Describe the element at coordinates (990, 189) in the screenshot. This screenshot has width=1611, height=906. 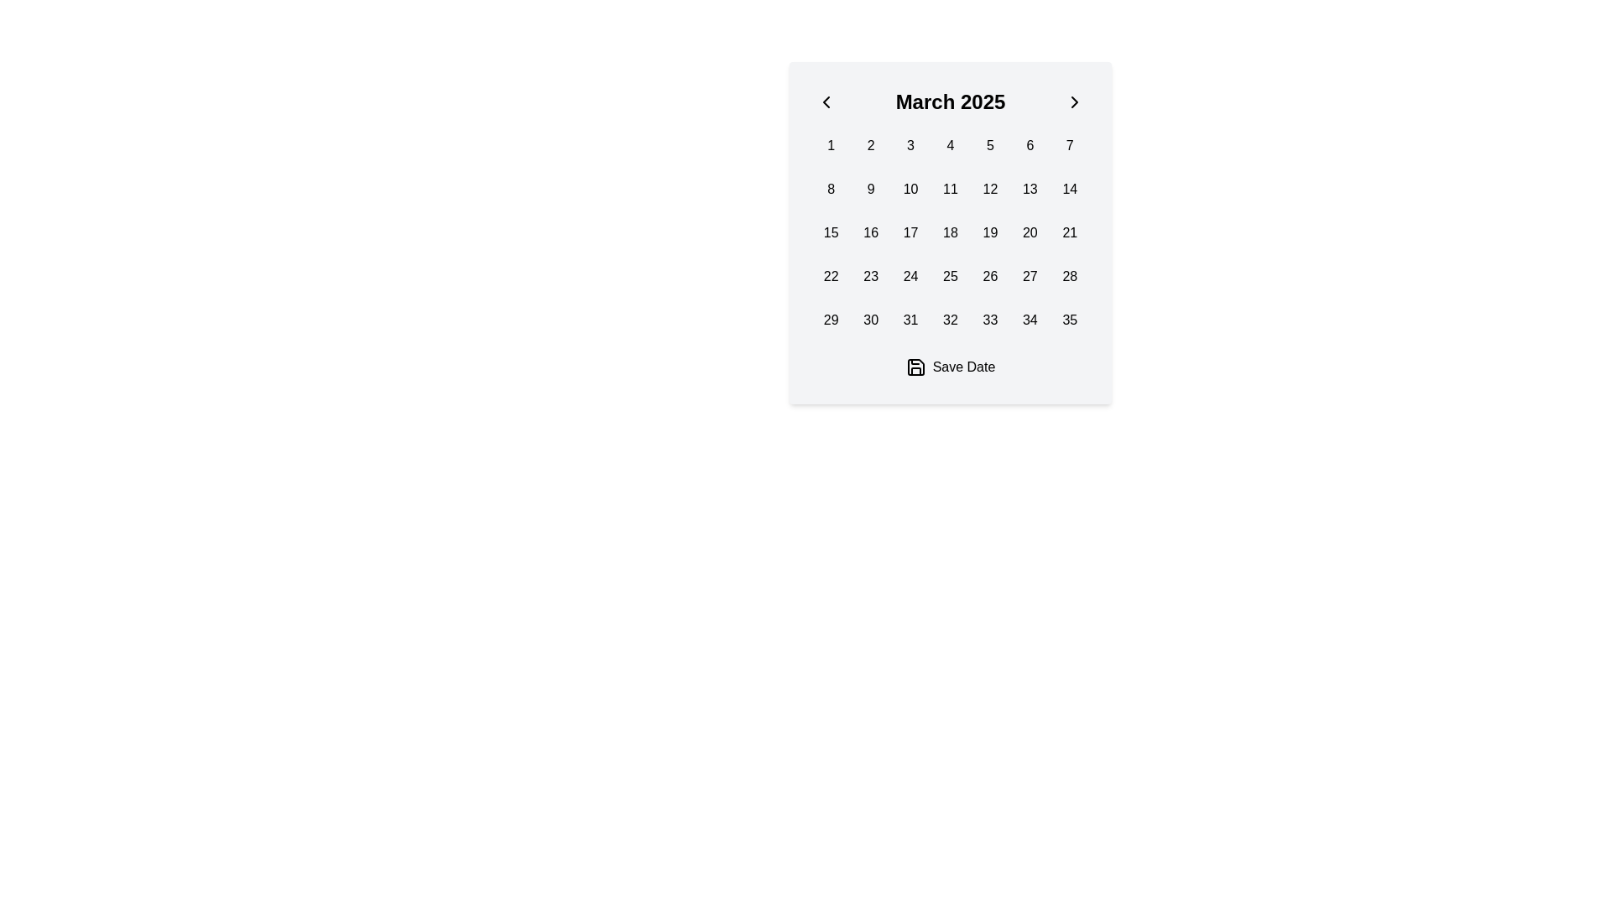
I see `the rounded button displaying the number '12' in the second row, sixth column of the calendar grid` at that location.